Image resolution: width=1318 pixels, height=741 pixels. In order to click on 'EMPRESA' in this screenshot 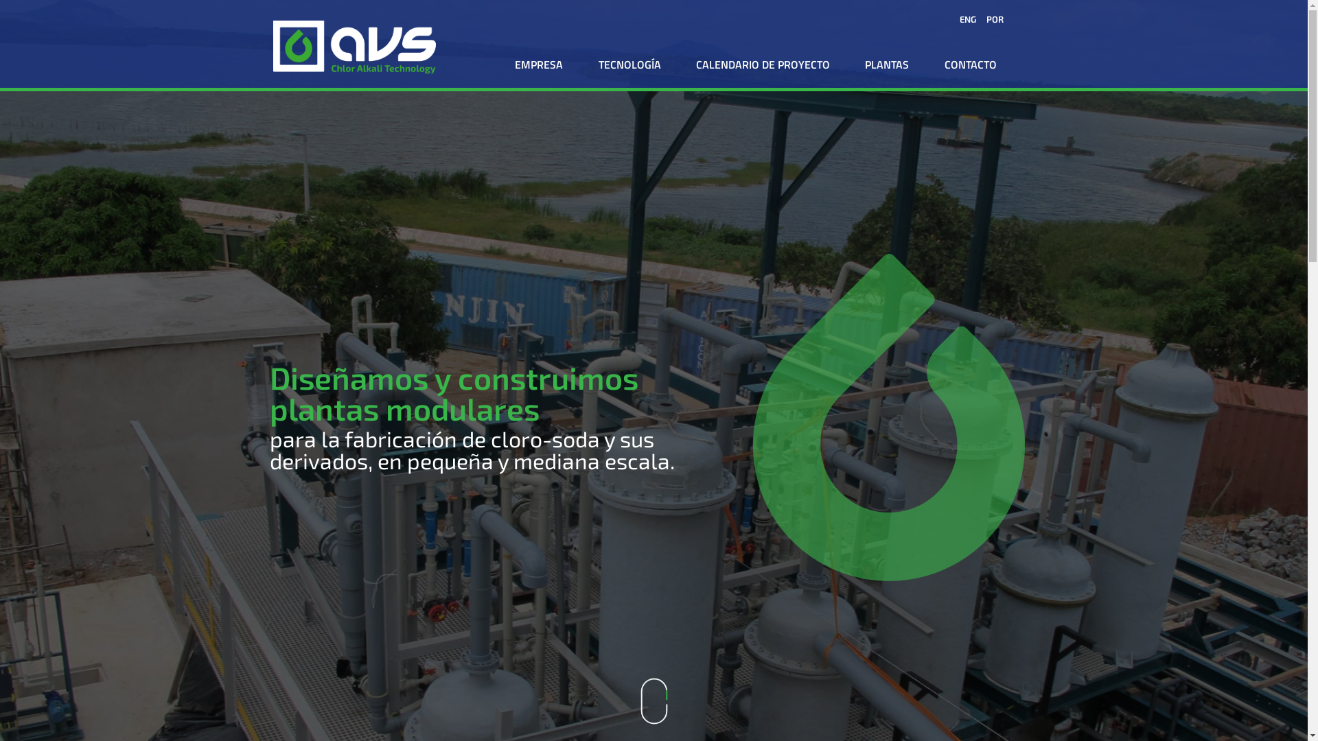, I will do `click(538, 64)`.